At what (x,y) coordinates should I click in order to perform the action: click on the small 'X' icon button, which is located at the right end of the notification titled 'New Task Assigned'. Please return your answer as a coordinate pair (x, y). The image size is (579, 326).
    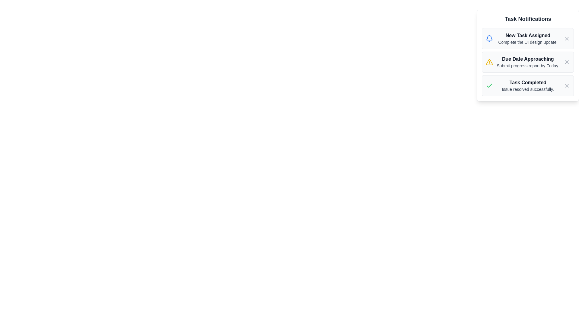
    Looking at the image, I should click on (567, 38).